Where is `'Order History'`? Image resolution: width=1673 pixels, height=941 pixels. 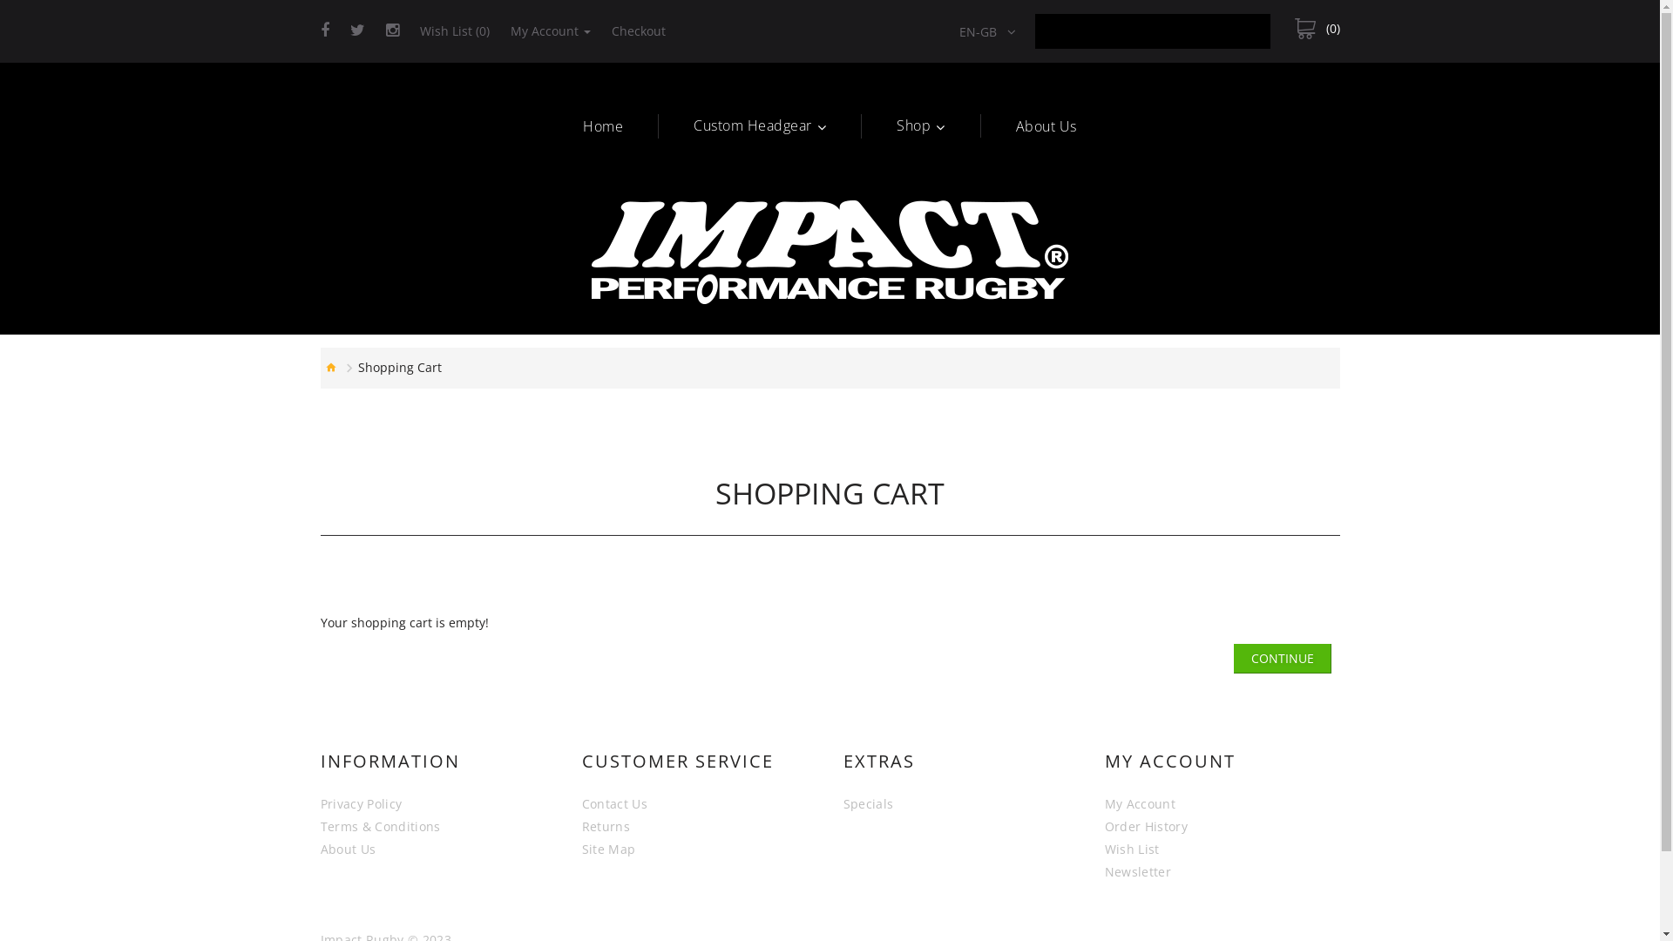 'Order History' is located at coordinates (1146, 825).